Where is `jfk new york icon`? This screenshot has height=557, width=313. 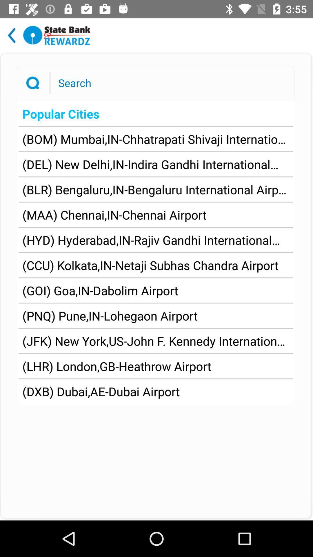
jfk new york icon is located at coordinates (155, 341).